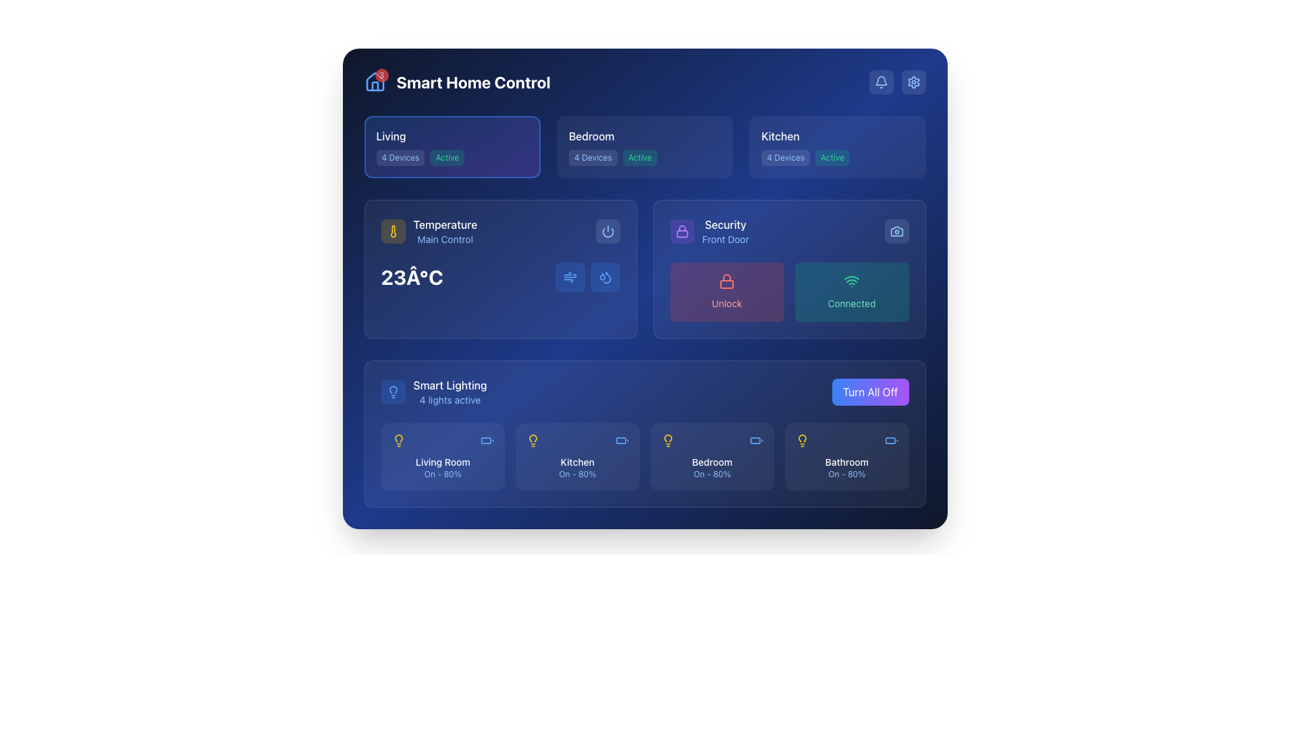 The image size is (1296, 729). Describe the element at coordinates (447, 157) in the screenshot. I see `the Status Indicator Badge that has a light green background and the word 'Active' in green text, located immediately to the right of the '4 Devices' badge in the 'Living' section` at that location.